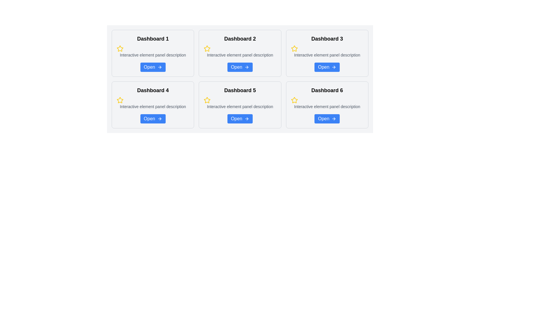 This screenshot has height=313, width=557. Describe the element at coordinates (327, 118) in the screenshot. I see `the button located in the bottom-right section of the 'Dashboard 6' card` at that location.